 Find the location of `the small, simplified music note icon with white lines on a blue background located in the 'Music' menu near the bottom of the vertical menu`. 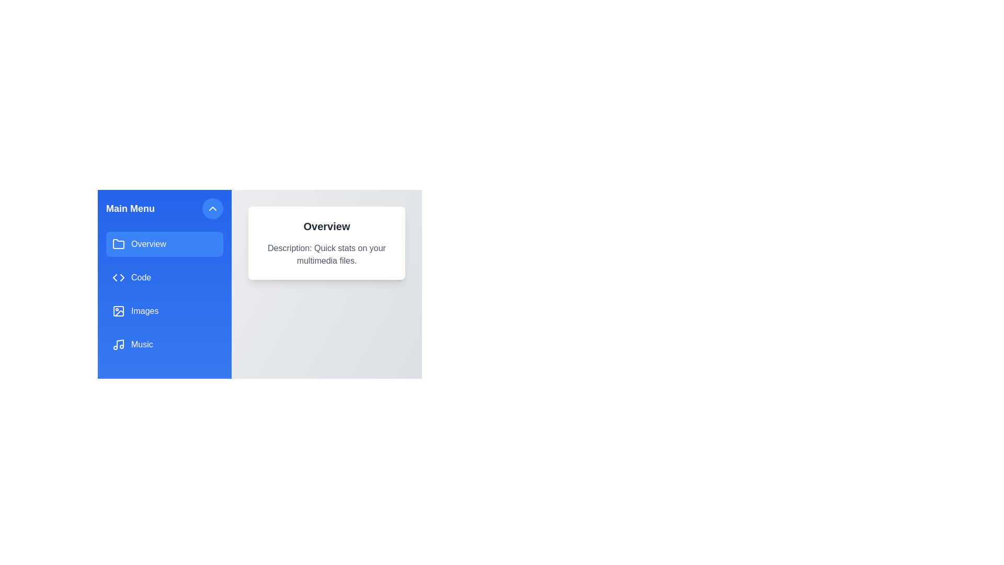

the small, simplified music note icon with white lines on a blue background located in the 'Music' menu near the bottom of the vertical menu is located at coordinates (118, 345).